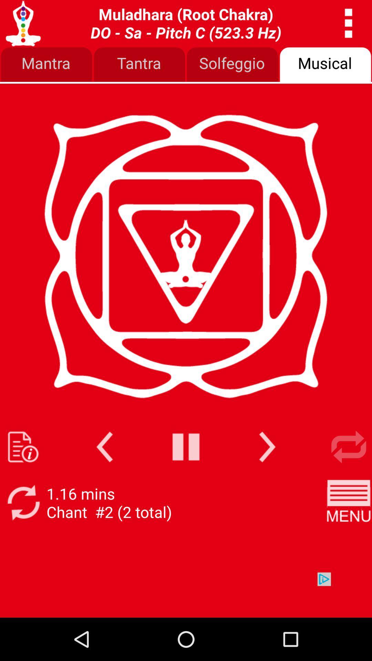 The width and height of the screenshot is (372, 661). I want to click on the item next to solfeggio item, so click(139, 65).